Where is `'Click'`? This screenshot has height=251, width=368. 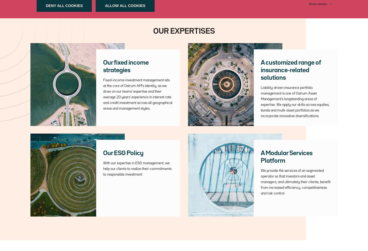 'Click' is located at coordinates (99, 10).